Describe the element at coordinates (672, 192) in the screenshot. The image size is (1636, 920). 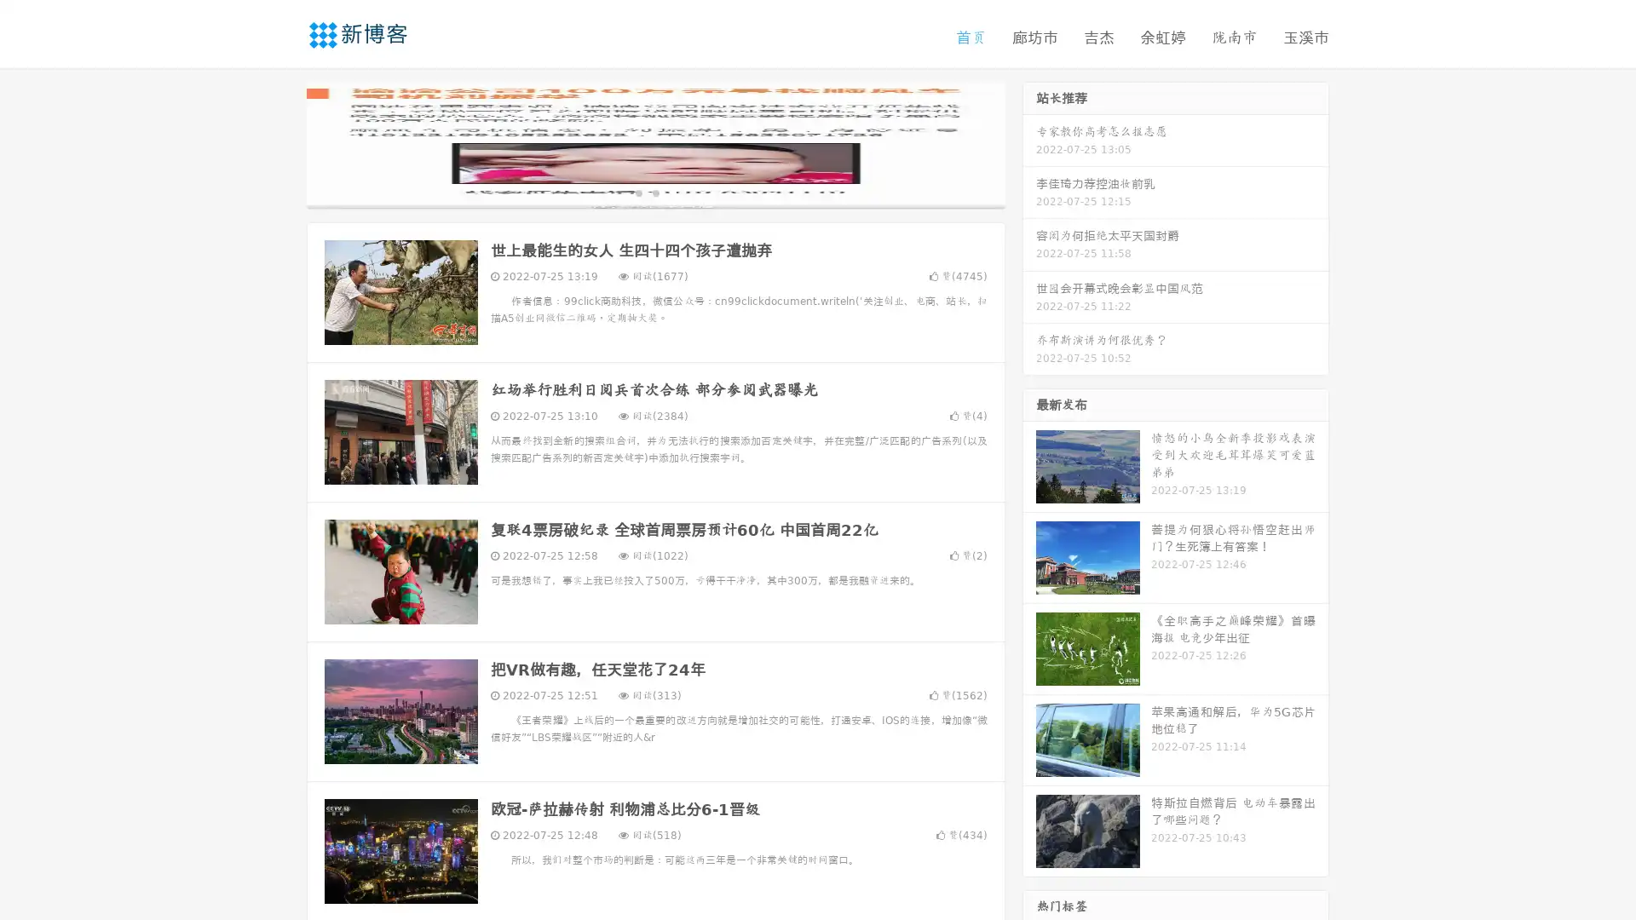
I see `Go to slide 3` at that location.